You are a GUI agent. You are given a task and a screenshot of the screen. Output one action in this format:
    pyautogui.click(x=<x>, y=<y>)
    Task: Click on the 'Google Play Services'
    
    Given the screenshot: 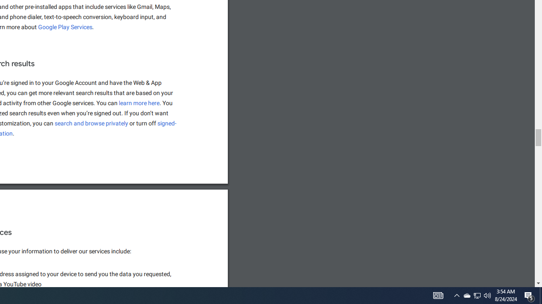 What is the action you would take?
    pyautogui.click(x=65, y=27)
    